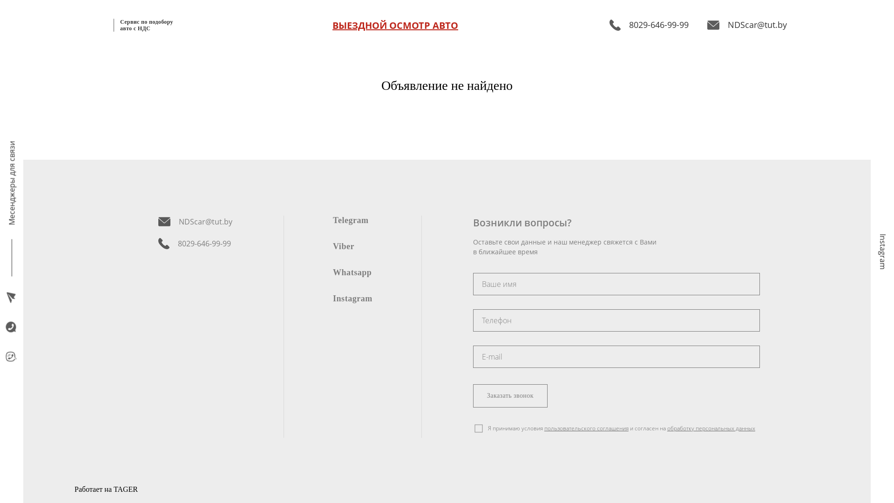 The height and width of the screenshot is (503, 894). What do you see at coordinates (473, 356) in the screenshot?
I see `'ndsCar'` at bounding box center [473, 356].